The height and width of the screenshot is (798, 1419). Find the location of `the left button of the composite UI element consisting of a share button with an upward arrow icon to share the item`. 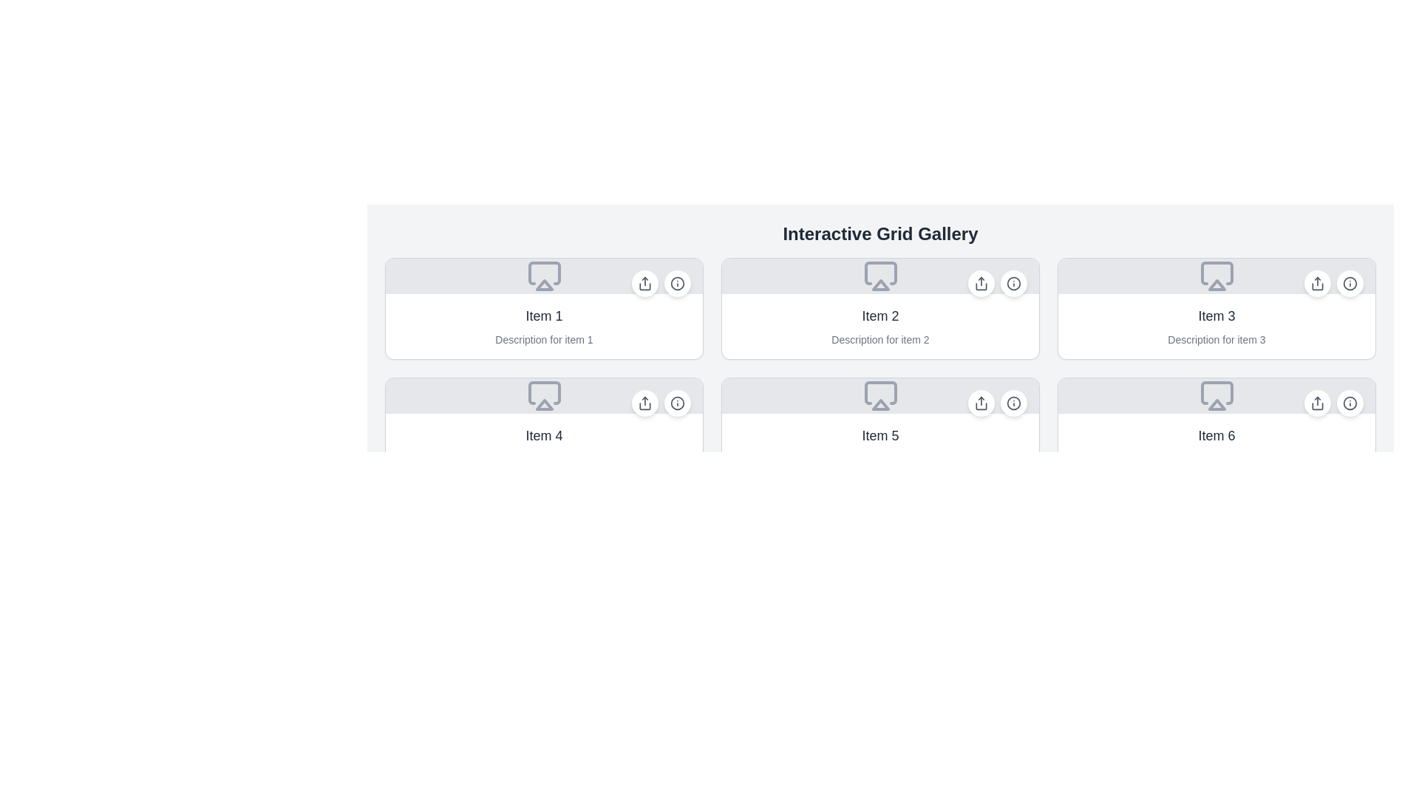

the left button of the composite UI element consisting of a share button with an upward arrow icon to share the item is located at coordinates (660, 403).